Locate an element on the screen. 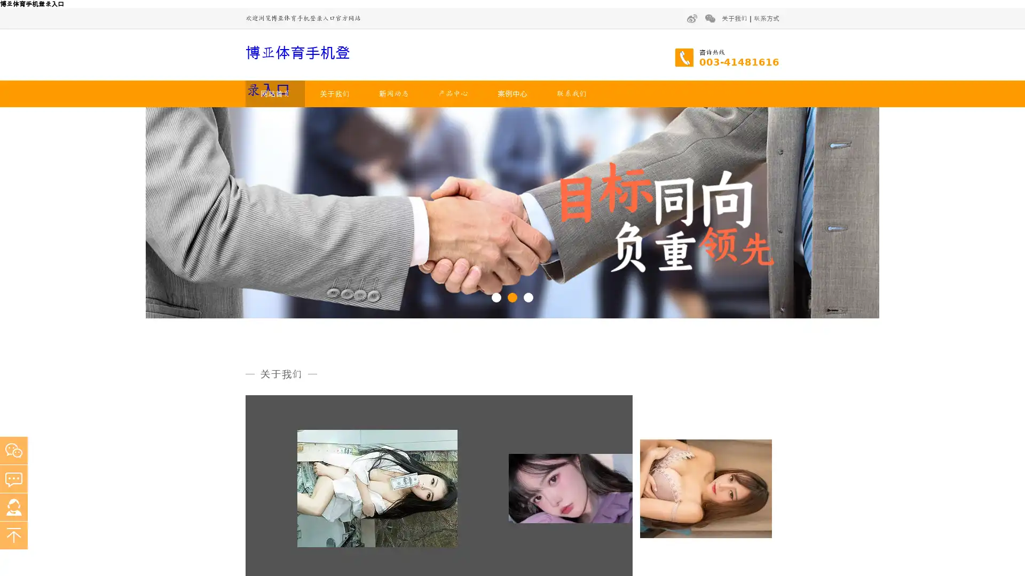 This screenshot has height=576, width=1025. 2 is located at coordinates (512, 297).